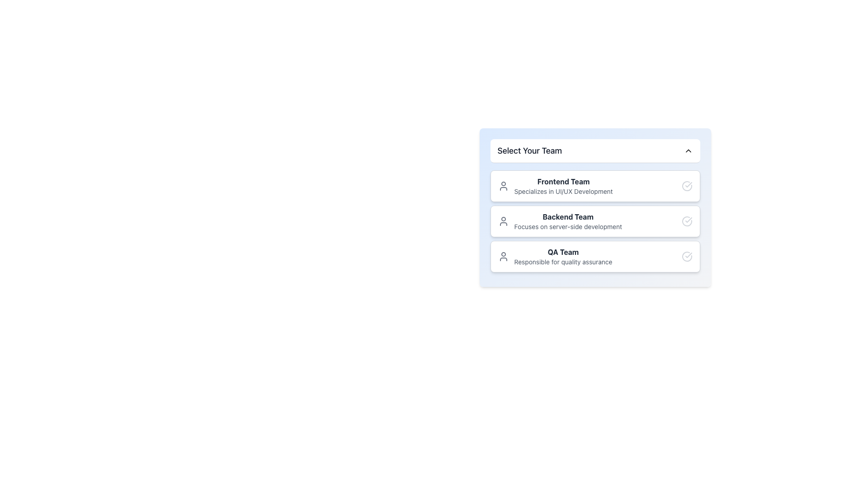  Describe the element at coordinates (563, 181) in the screenshot. I see `the 'Frontend Team' text label to focus on the team details, which is styled in bold dark gray and positioned at the top of the section under 'Select Your Team.'` at that location.